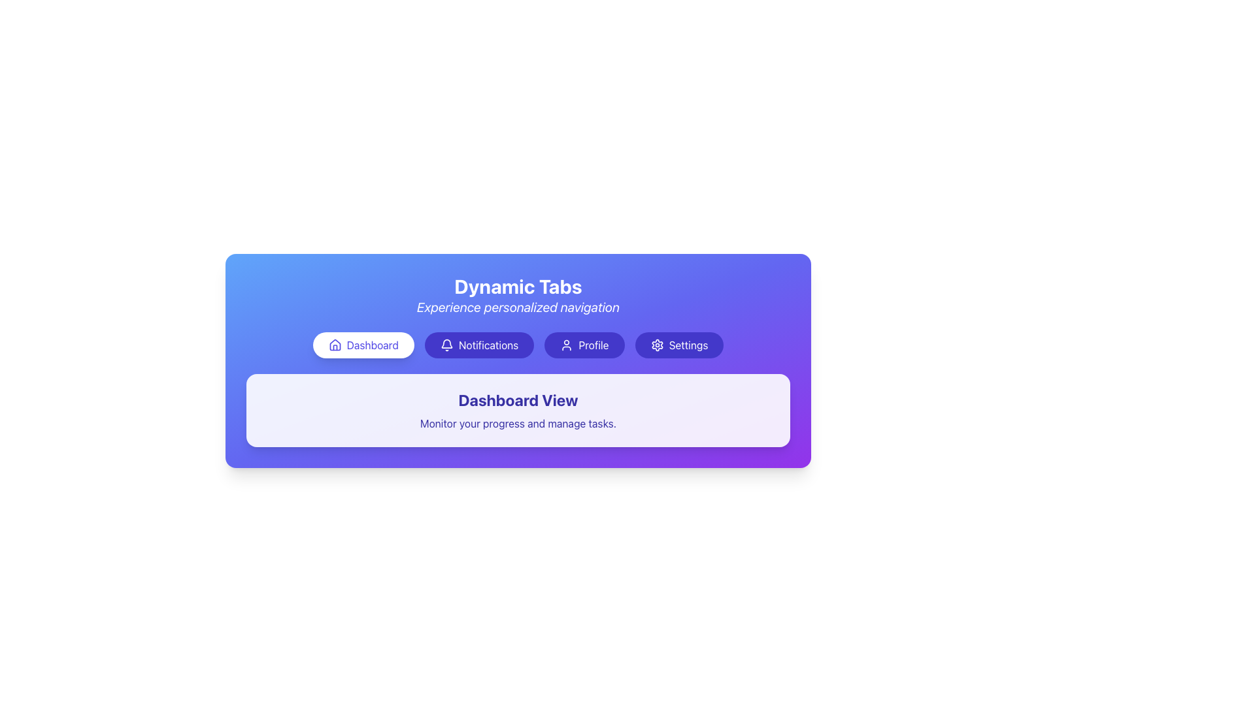  What do you see at coordinates (657, 344) in the screenshot?
I see `the settings icon located in the top right portion of the main navigation bar` at bounding box center [657, 344].